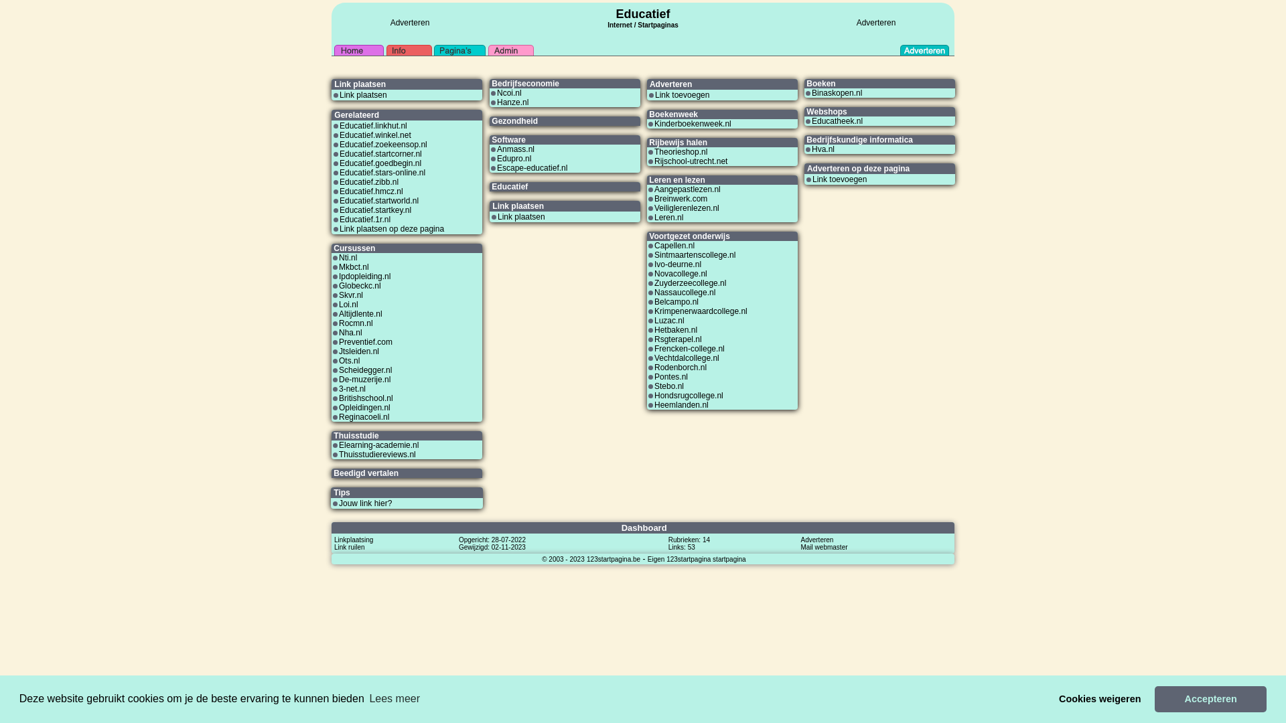 Image resolution: width=1286 pixels, height=723 pixels. Describe the element at coordinates (697, 558) in the screenshot. I see `'Eigen 123startpagina startpagina'` at that location.